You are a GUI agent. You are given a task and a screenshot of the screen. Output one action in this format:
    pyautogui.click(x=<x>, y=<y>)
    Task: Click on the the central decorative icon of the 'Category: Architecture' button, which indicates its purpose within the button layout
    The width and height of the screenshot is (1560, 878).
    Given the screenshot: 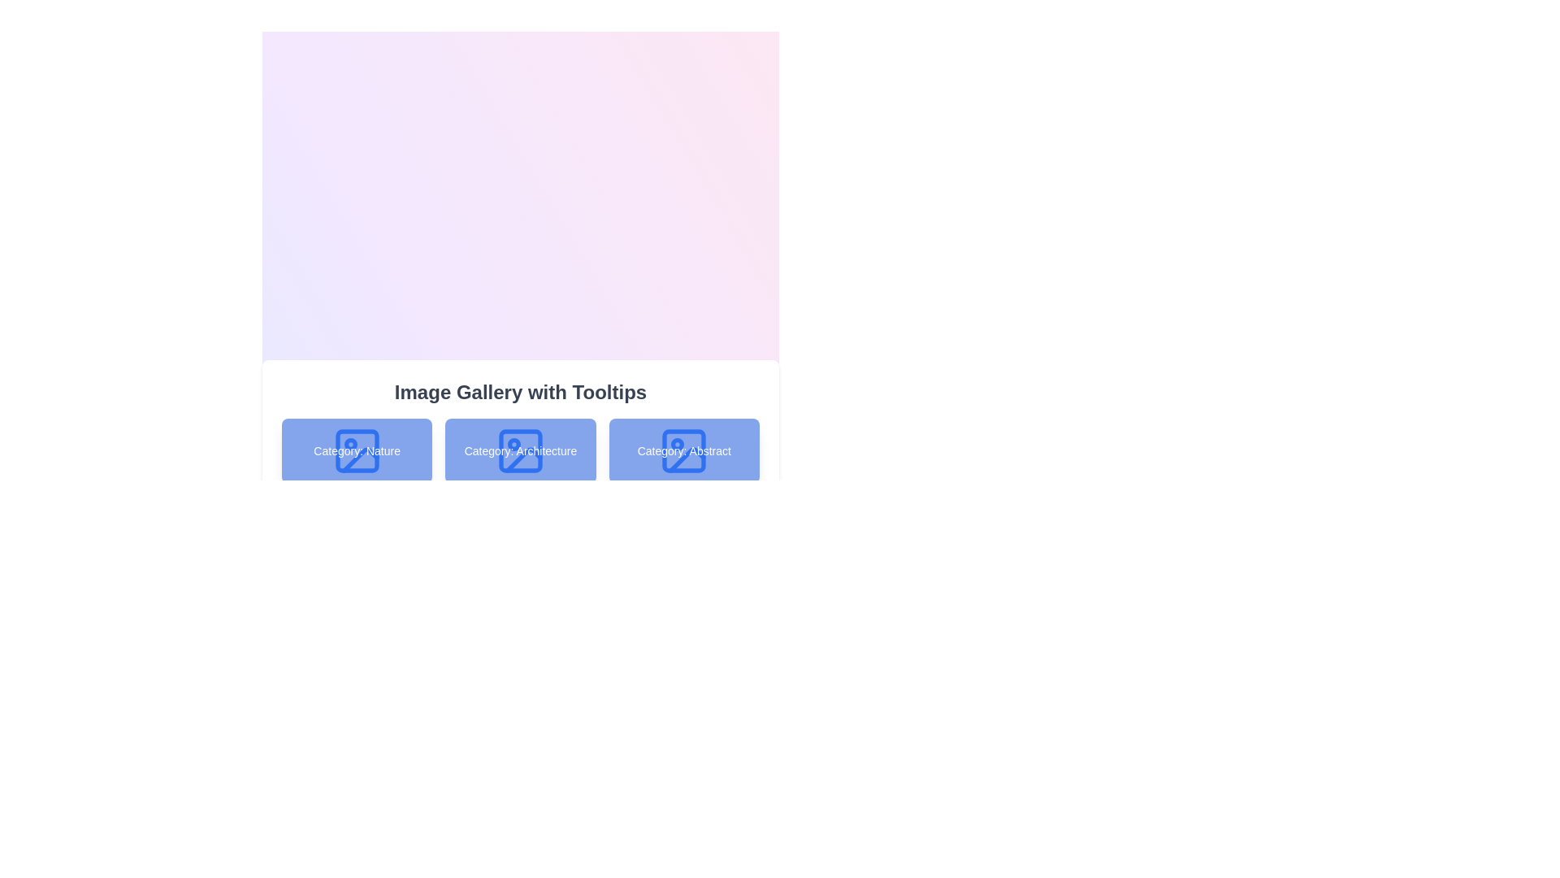 What is the action you would take?
    pyautogui.click(x=520, y=451)
    